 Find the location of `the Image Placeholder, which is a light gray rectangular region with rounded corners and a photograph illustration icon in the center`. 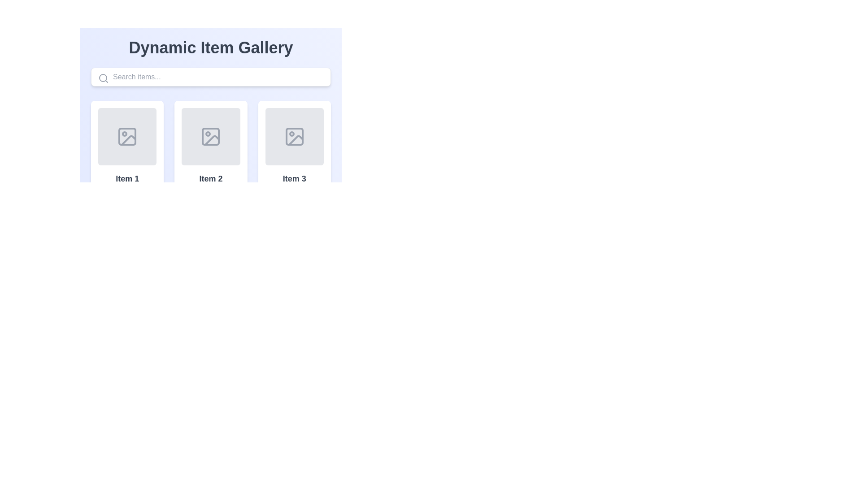

the Image Placeholder, which is a light gray rectangular region with rounded corners and a photograph illustration icon in the center is located at coordinates (127, 136).